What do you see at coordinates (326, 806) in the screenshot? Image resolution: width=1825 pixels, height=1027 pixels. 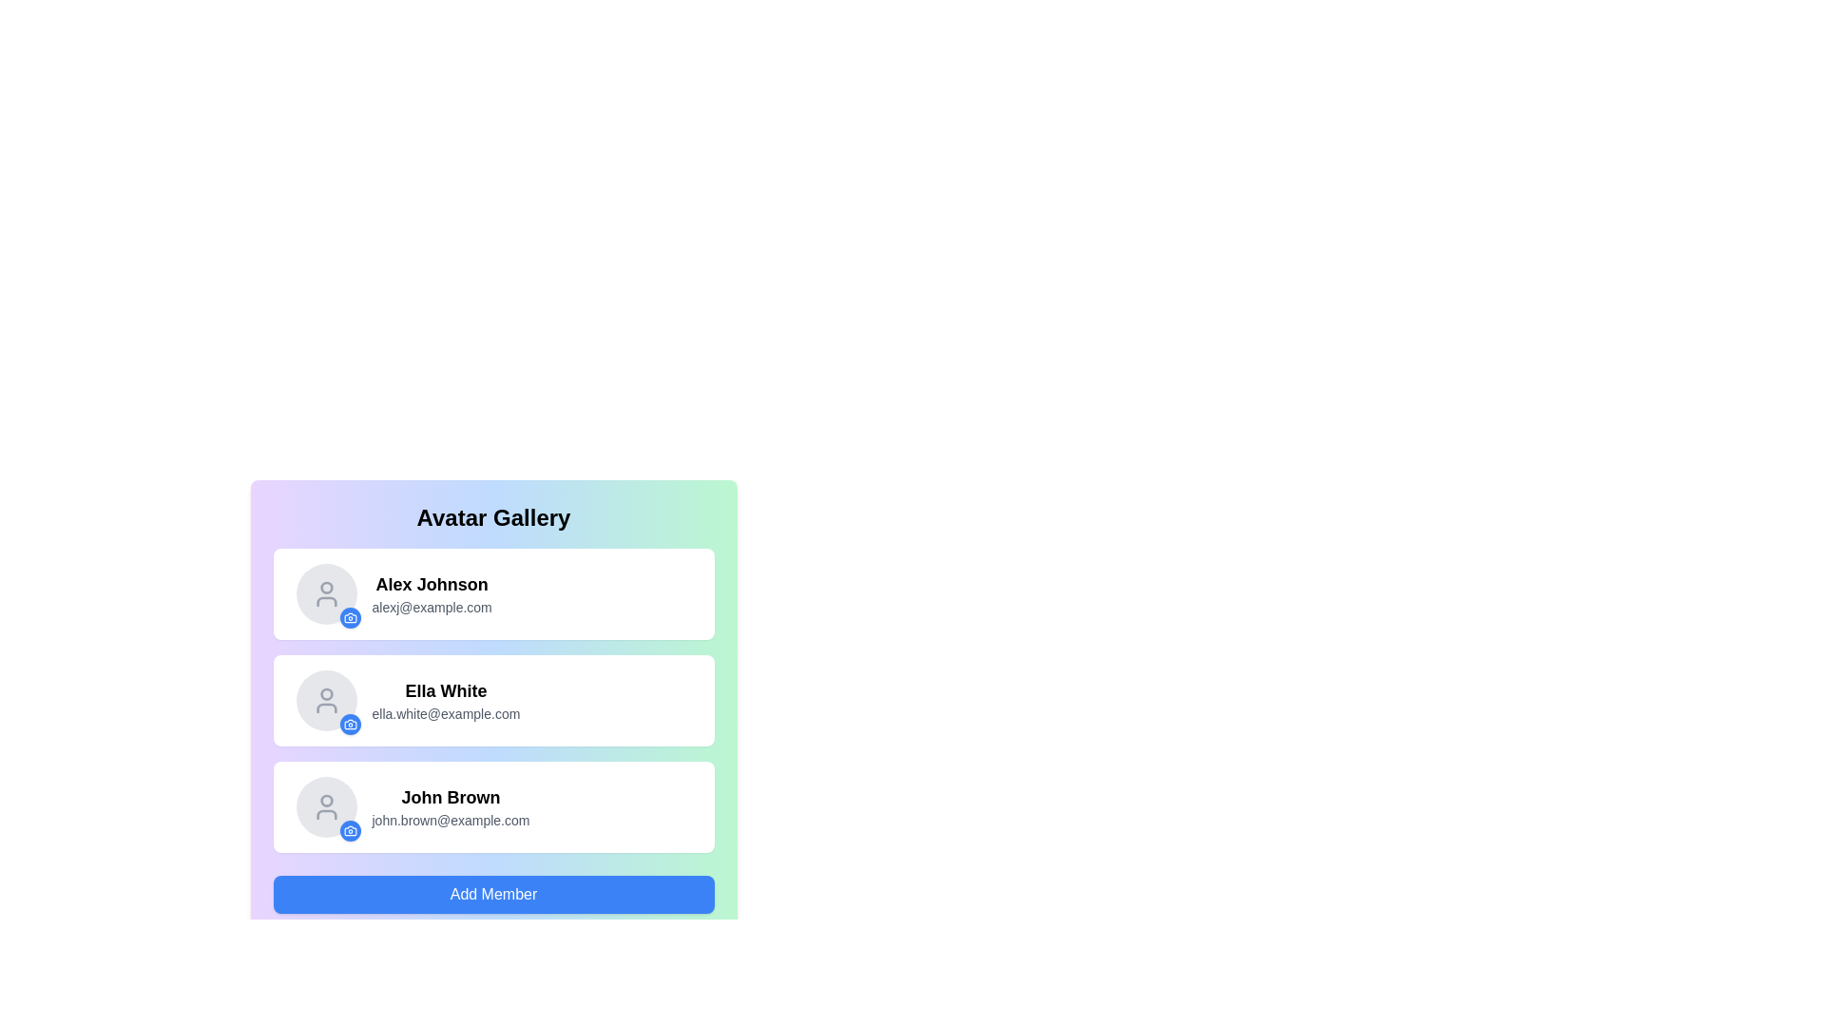 I see `the profile icon representing the user 'John Brown', located in the third user section on the left side` at bounding box center [326, 806].